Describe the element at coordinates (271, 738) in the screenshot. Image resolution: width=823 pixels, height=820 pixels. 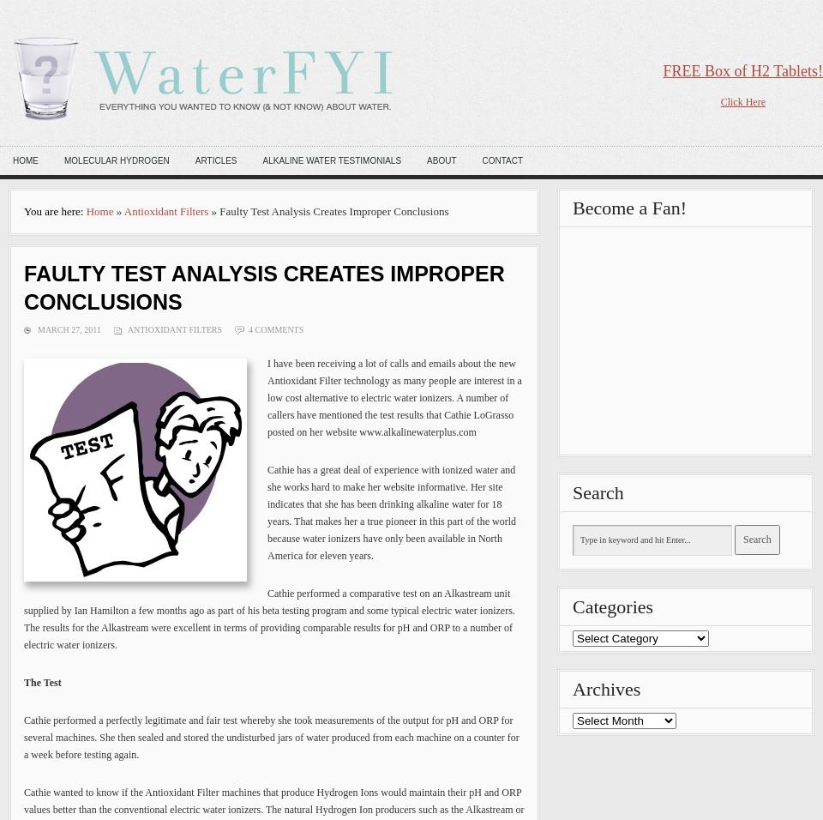
I see `'Cathie performed a perfectly legitimate and fair test whereby she took measurements of the output for pH and ORP for several machines.  She then sealed and stored the undisturbed jars of water produced from each machine on a counter for a week before testing again.'` at that location.